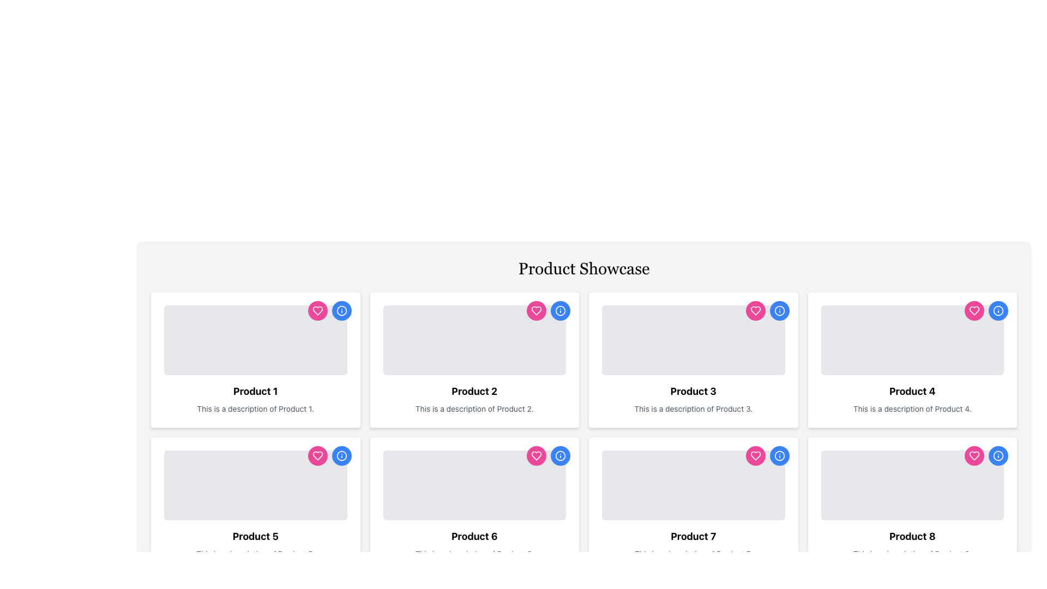 The image size is (1047, 589). What do you see at coordinates (474, 485) in the screenshot?
I see `the gray rectangular image placeholder with rounded corners located at the top of the 'Product 6' card` at bounding box center [474, 485].